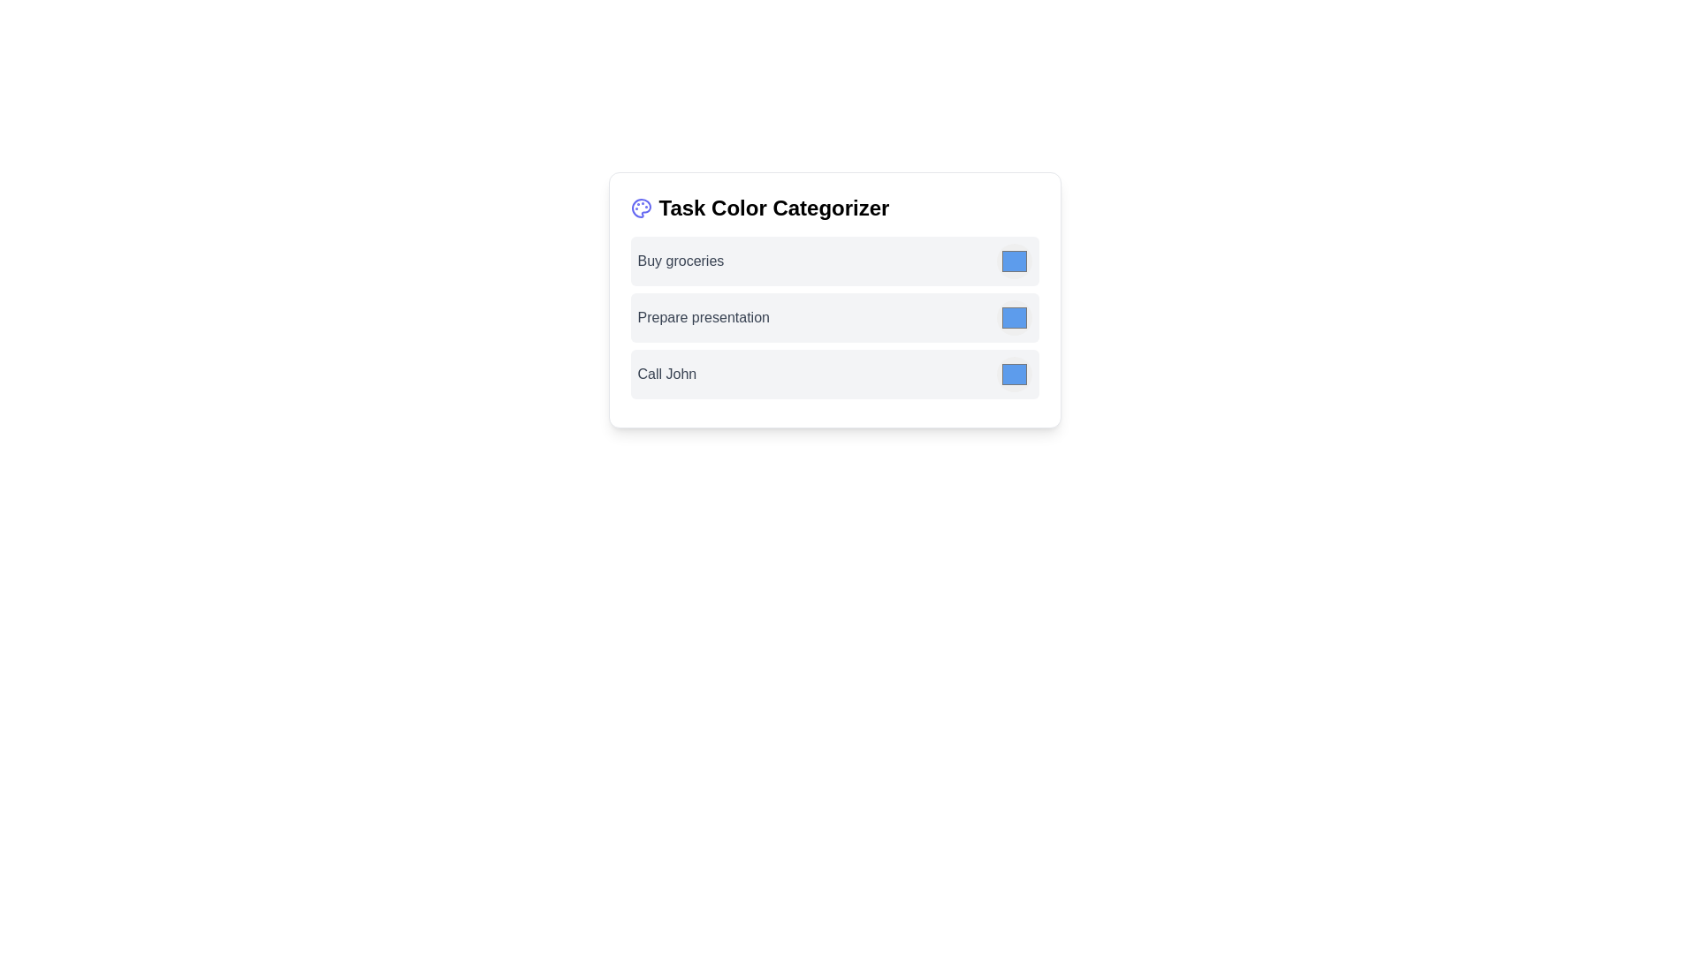 Image resolution: width=1697 pixels, height=954 pixels. Describe the element at coordinates (703, 316) in the screenshot. I see `the text label representing a task in the second row of the to-do list, located below 'Buy groceries' and above 'Call John', positioned towards the left side adjacent to a color-indicating circular icon` at that location.